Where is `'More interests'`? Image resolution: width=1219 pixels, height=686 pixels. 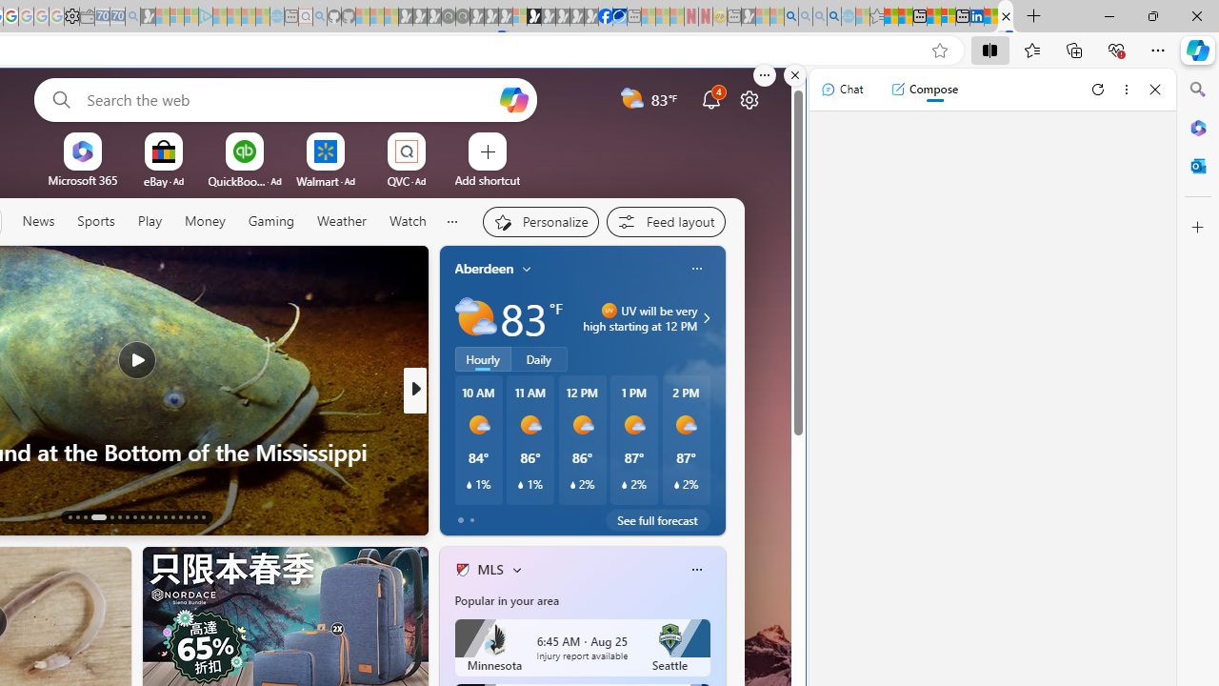 'More interests' is located at coordinates (516, 568).